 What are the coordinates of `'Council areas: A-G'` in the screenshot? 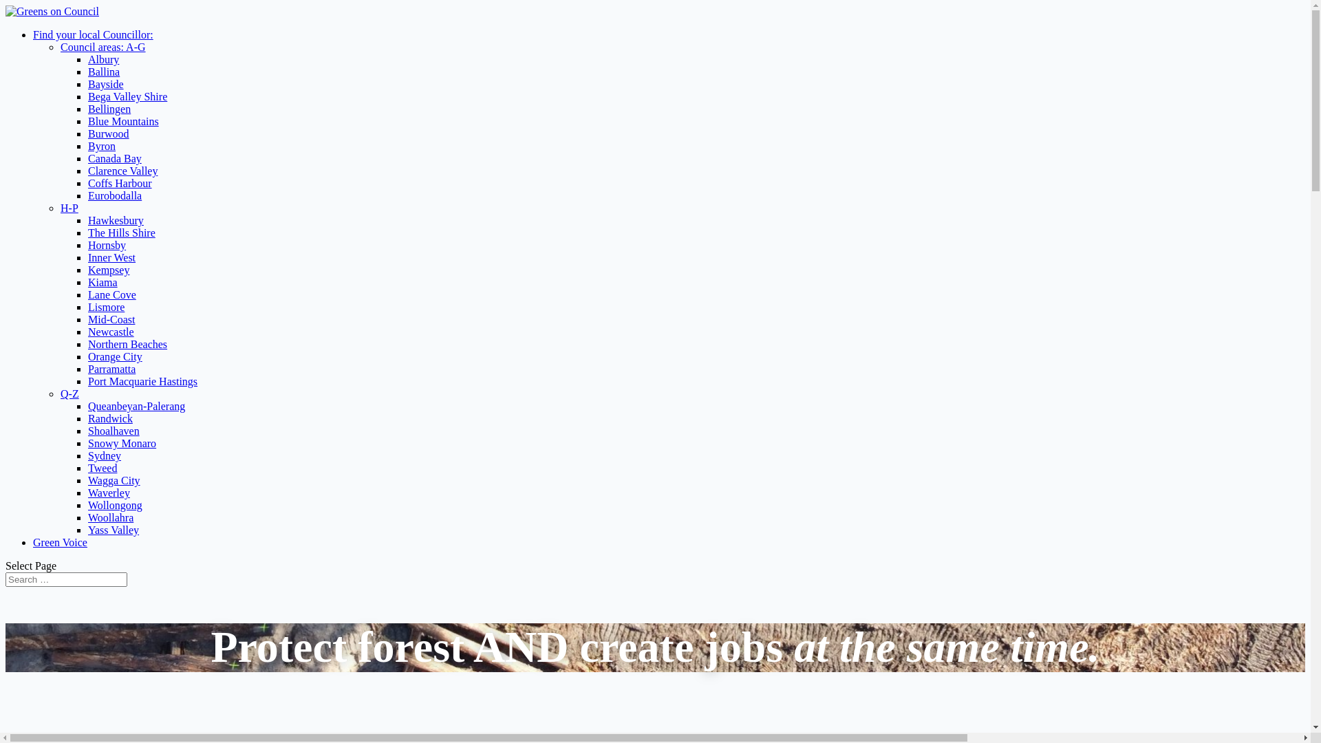 It's located at (102, 46).